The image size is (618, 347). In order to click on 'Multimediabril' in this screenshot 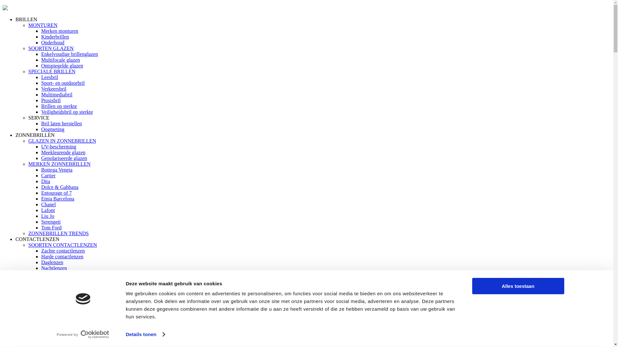, I will do `click(57, 94)`.